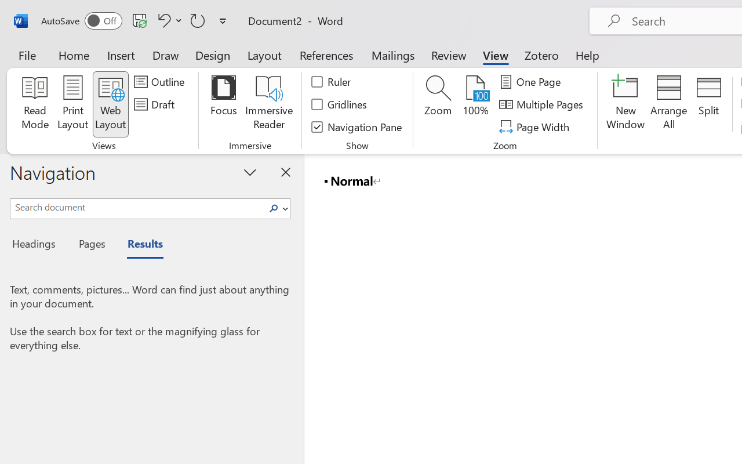  What do you see at coordinates (121, 55) in the screenshot?
I see `'Insert'` at bounding box center [121, 55].